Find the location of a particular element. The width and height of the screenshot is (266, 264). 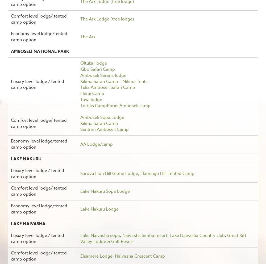

'Sarova Lion Hill Game Lodge' is located at coordinates (109, 173).